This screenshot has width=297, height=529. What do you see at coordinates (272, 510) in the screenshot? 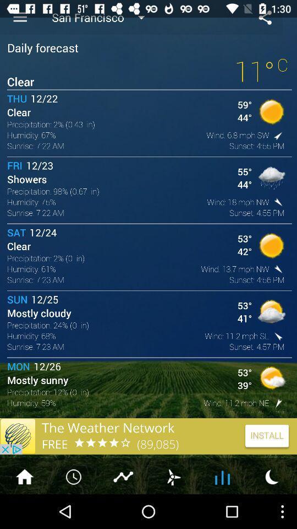
I see `the weather icon` at bounding box center [272, 510].